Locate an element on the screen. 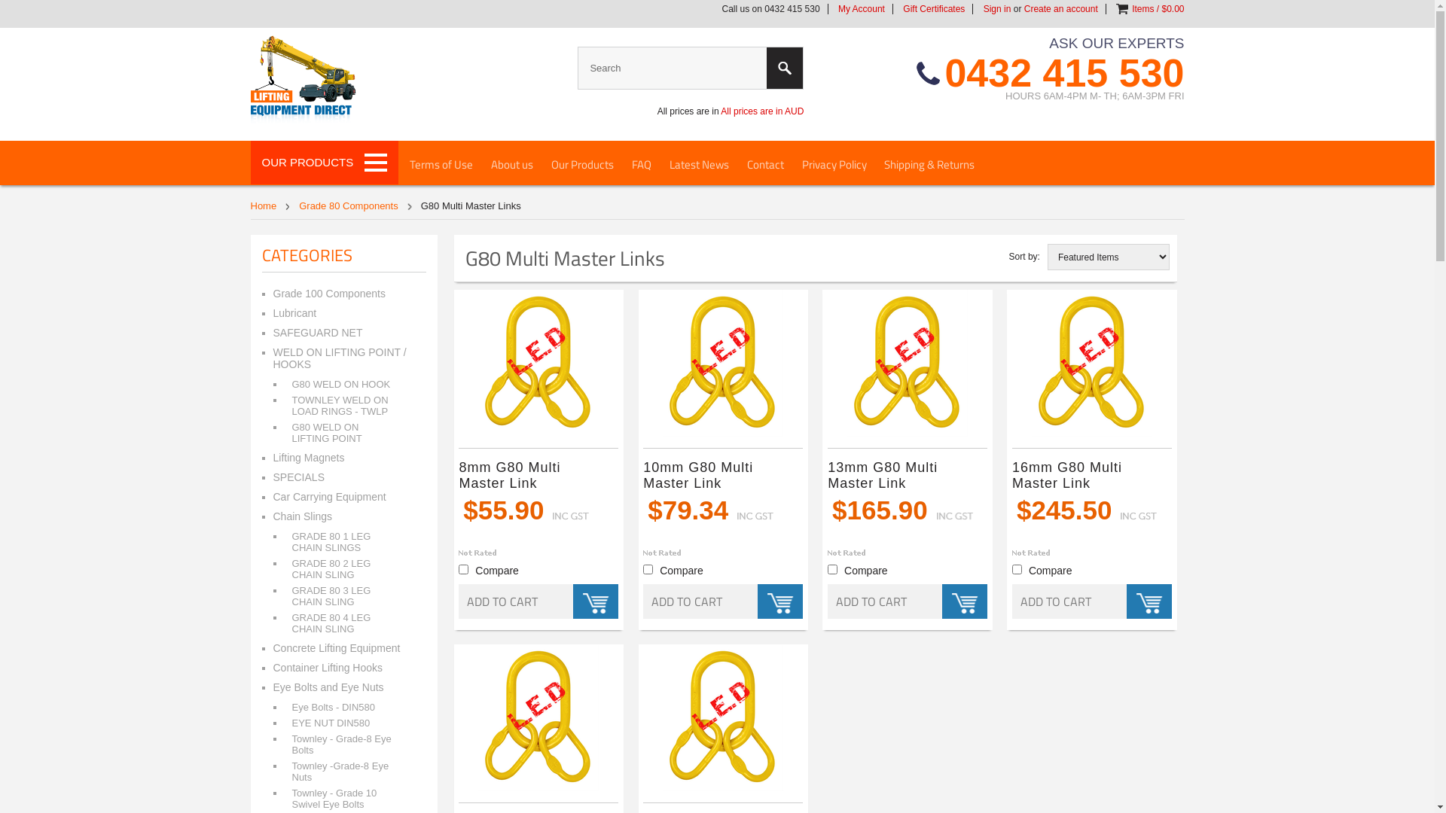 The height and width of the screenshot is (813, 1446). 'SPECIALS' is located at coordinates (340, 477).